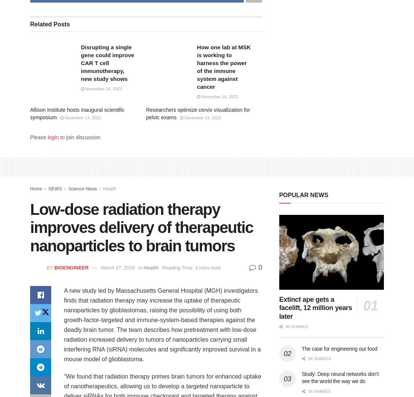  I want to click on 'Posts', so click(51, 23).